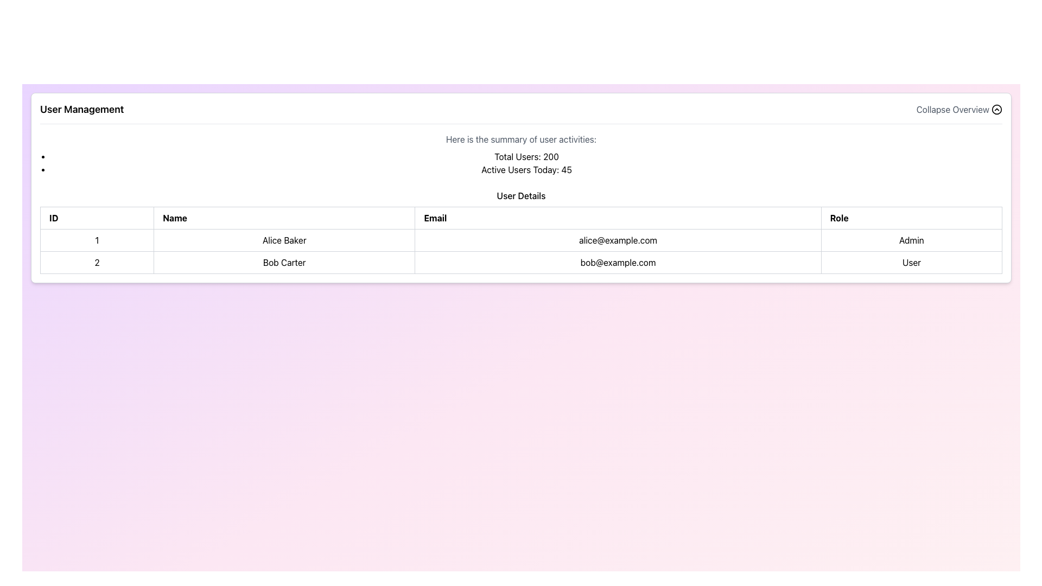 The width and height of the screenshot is (1042, 586). Describe the element at coordinates (618, 240) in the screenshot. I see `the text label displaying the email address 'alice@example.com' in the user table, which is the third cell in the first row` at that location.